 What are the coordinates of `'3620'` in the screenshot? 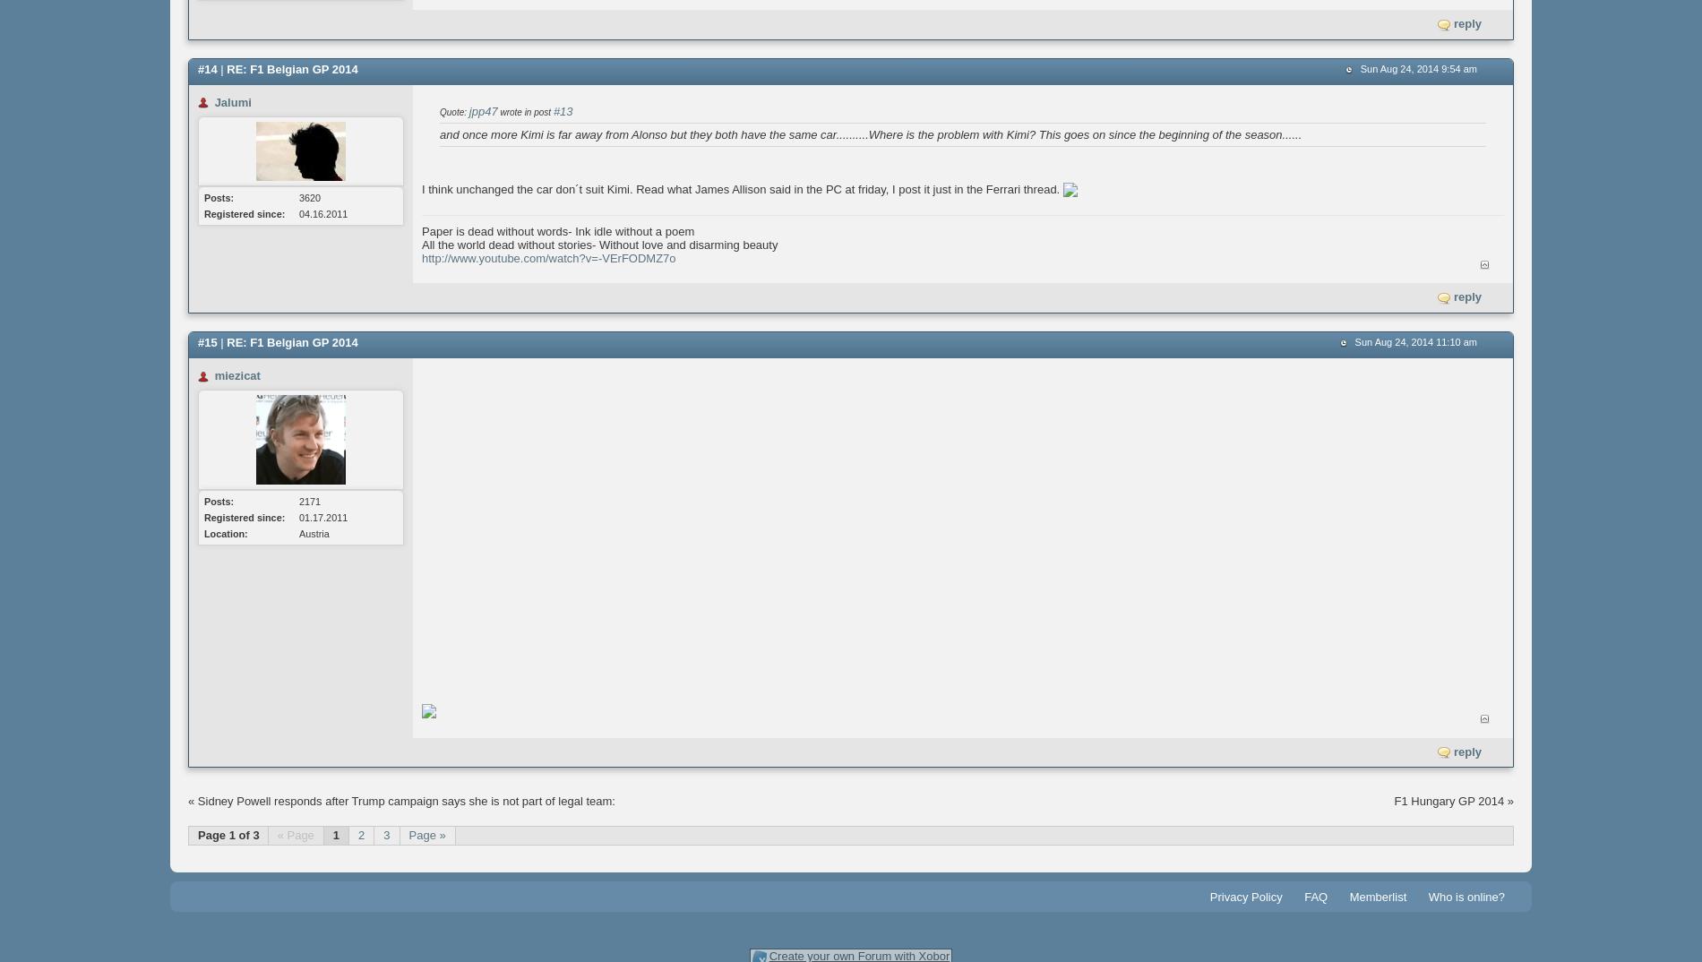 It's located at (308, 195).